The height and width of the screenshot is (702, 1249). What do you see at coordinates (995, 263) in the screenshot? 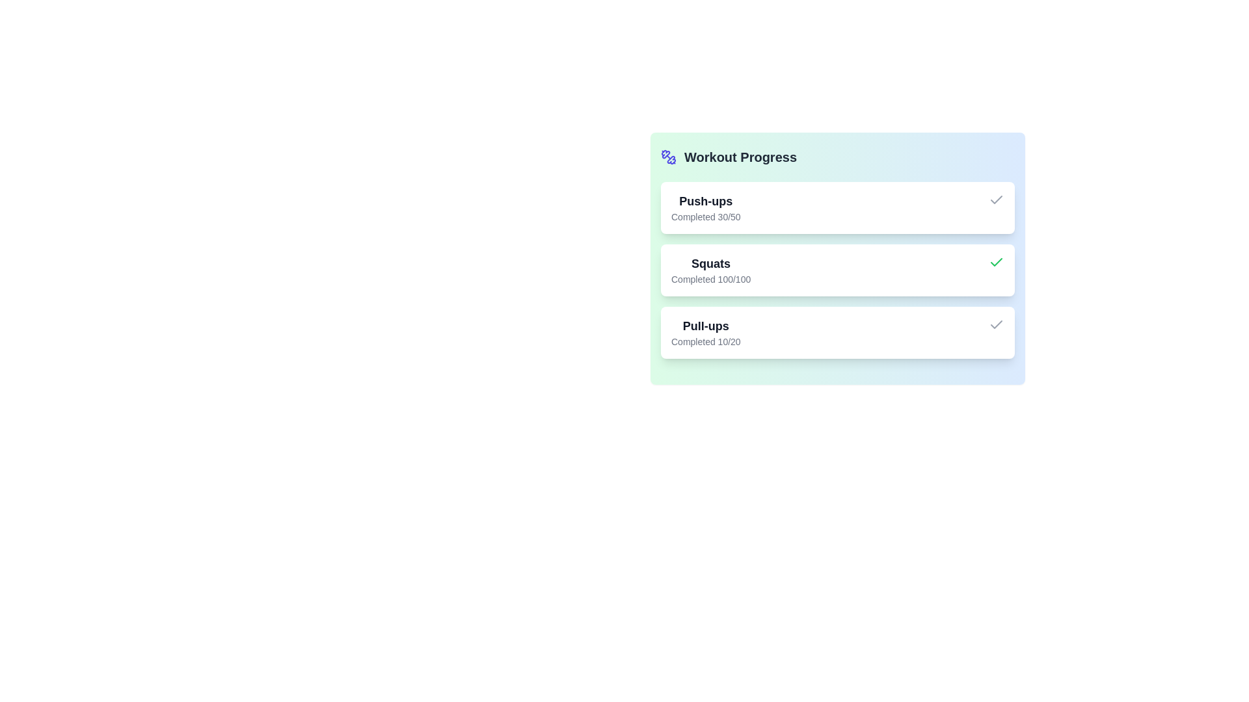
I see `the completion icon indicating that the 'Squats' exercise has been completed, located in the rightmost section of the card titled 'Squats'` at bounding box center [995, 263].